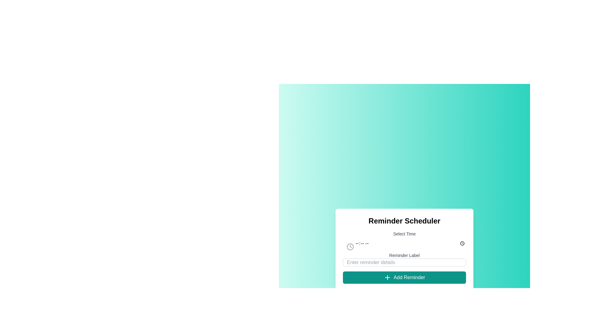  What do you see at coordinates (404, 277) in the screenshot?
I see `the 'Add Reminder' button with a teal background and white text at the bottom of the 'Reminder Scheduler' card` at bounding box center [404, 277].